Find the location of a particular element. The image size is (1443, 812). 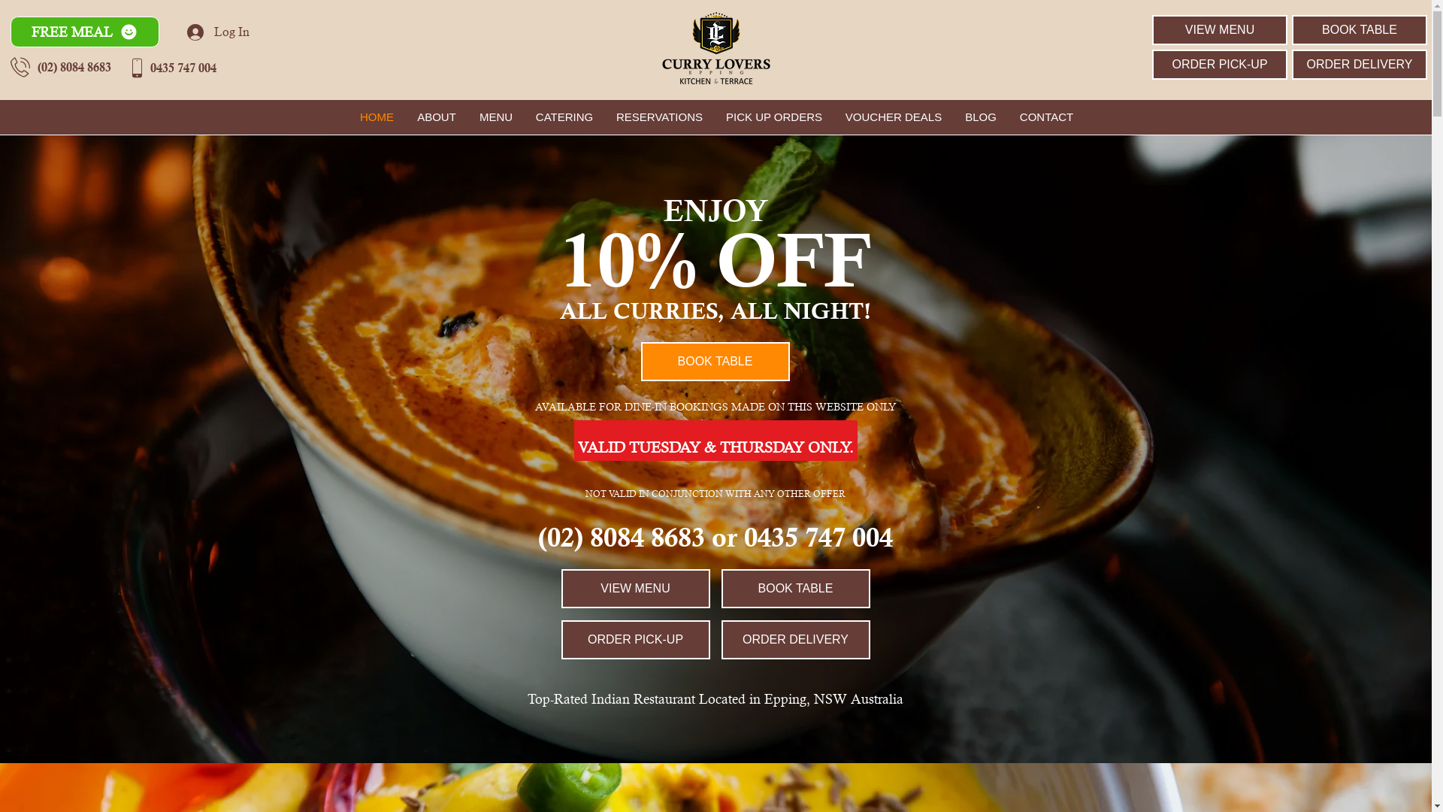

'HOME' is located at coordinates (377, 116).